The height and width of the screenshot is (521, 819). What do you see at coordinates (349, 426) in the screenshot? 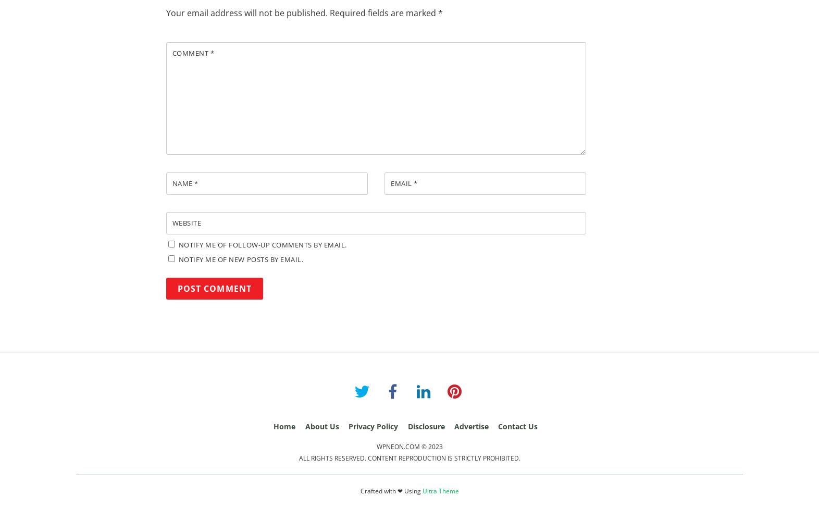
I see `'Privacy Policy'` at bounding box center [349, 426].